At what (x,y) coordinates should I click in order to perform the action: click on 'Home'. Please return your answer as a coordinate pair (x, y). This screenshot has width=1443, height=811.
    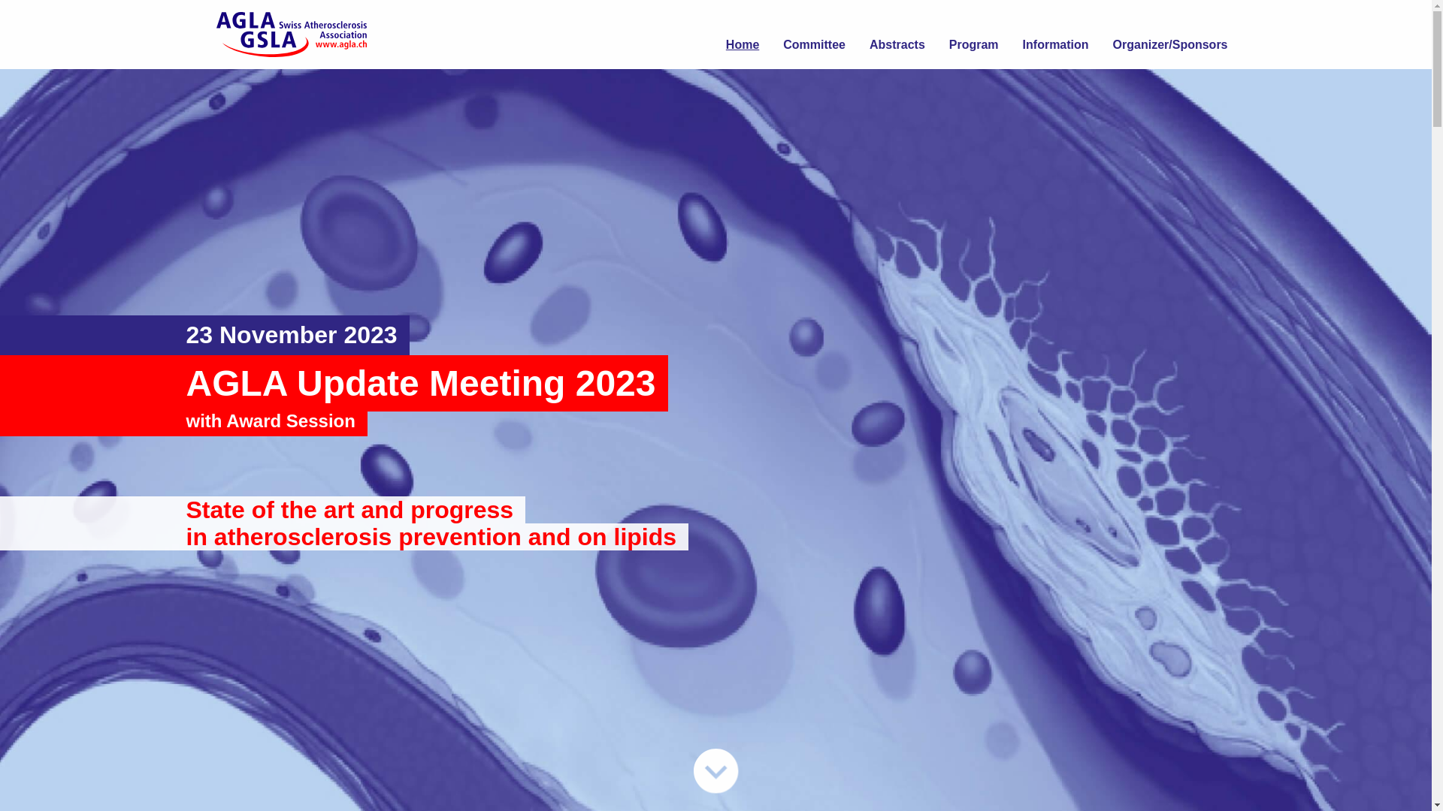
    Looking at the image, I should click on (743, 34).